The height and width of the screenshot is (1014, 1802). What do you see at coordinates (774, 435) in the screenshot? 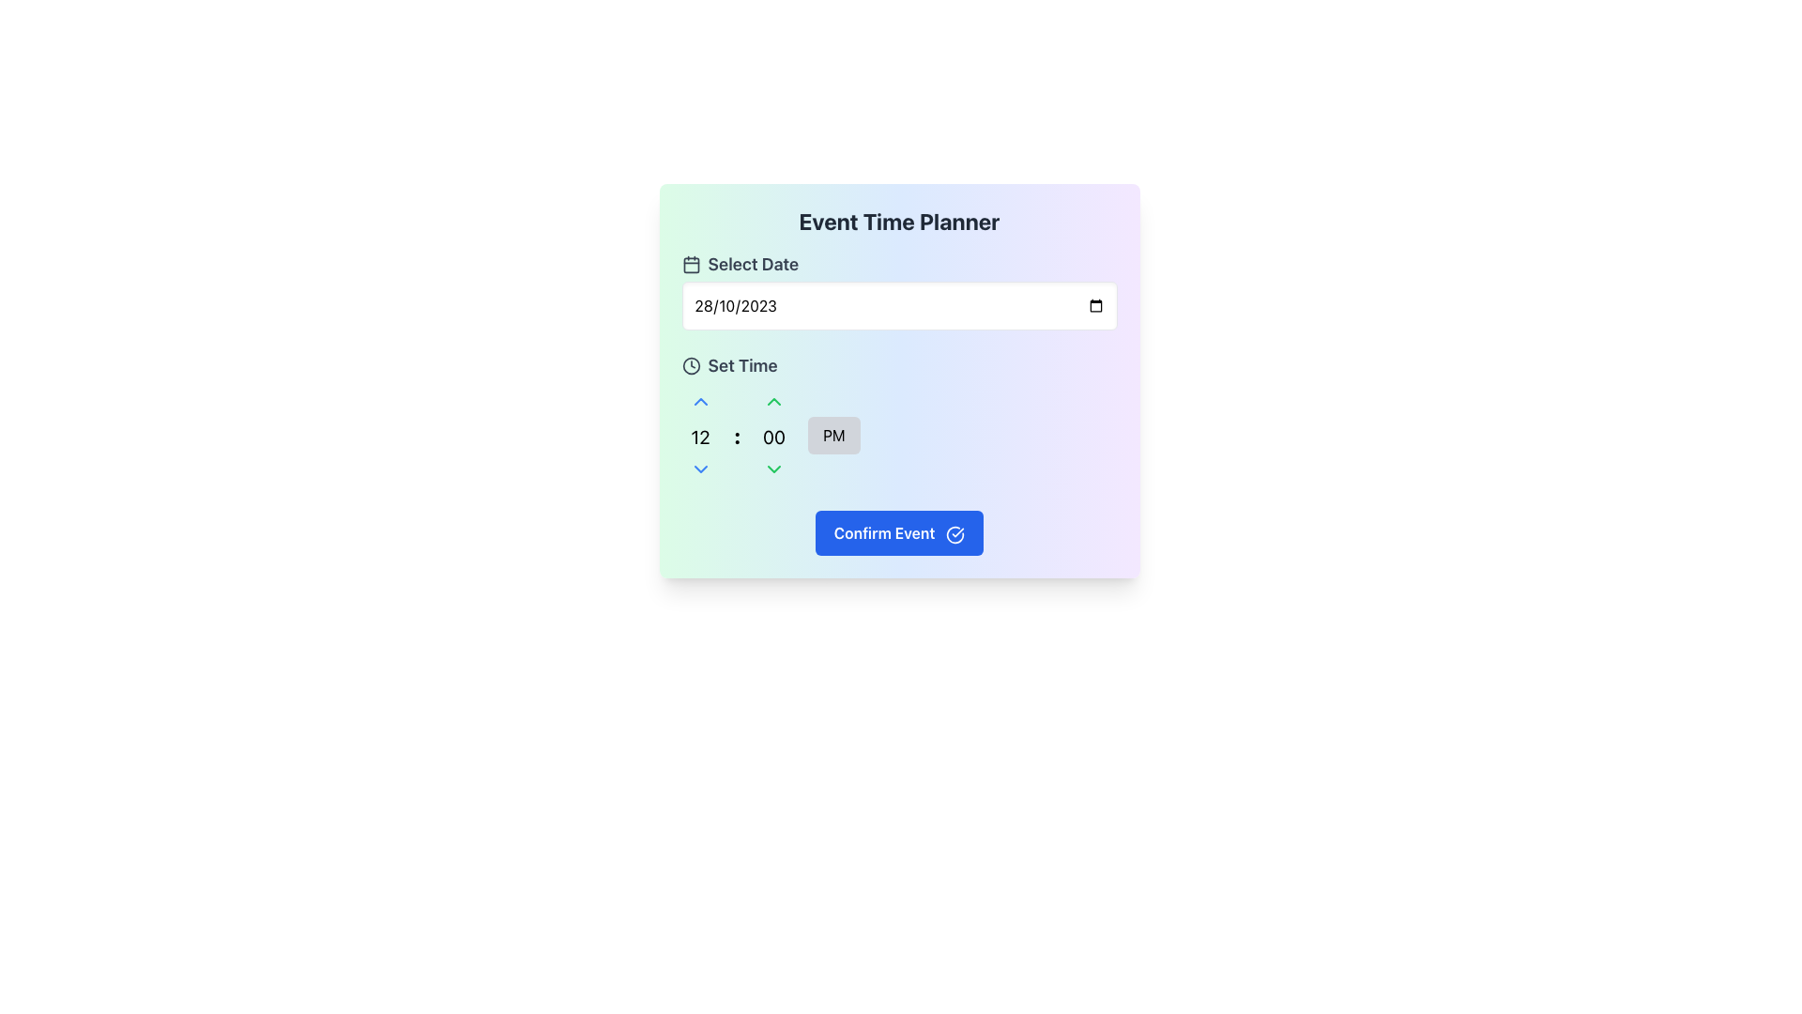
I see `the second numeric display element in the time-selection interface that shows the currently selected minute value` at bounding box center [774, 435].